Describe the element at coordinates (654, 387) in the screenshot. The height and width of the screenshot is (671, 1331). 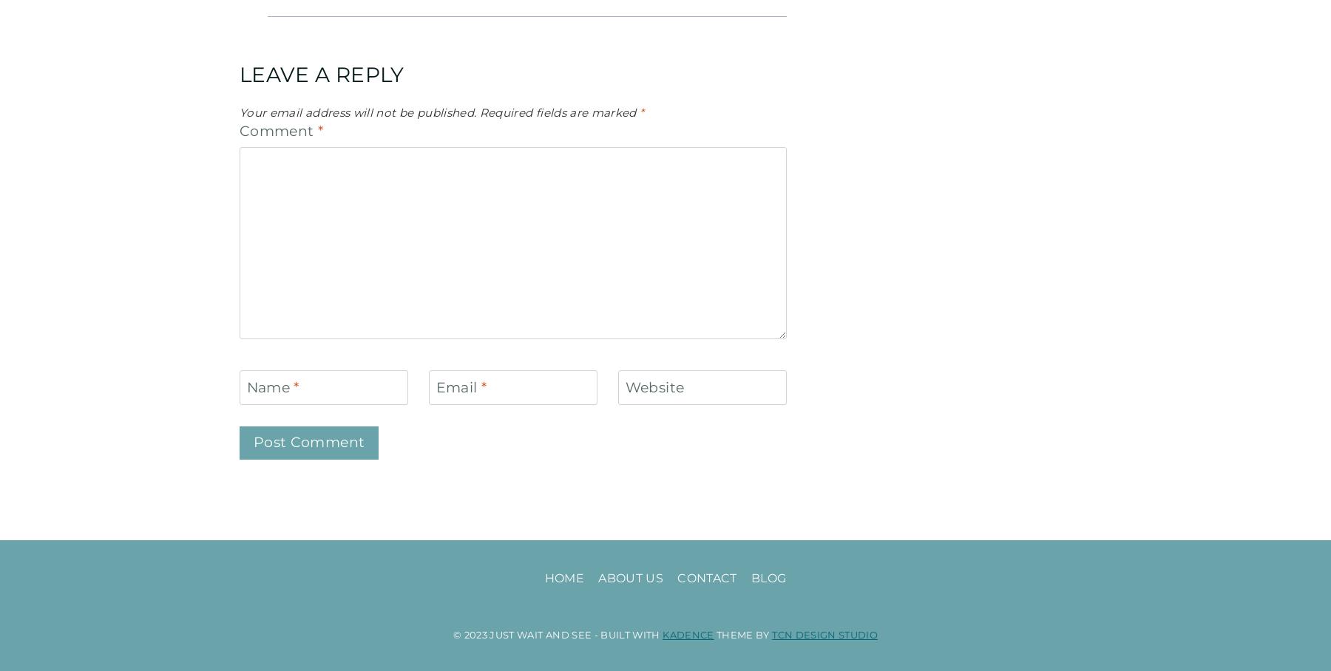
I see `'Website'` at that location.